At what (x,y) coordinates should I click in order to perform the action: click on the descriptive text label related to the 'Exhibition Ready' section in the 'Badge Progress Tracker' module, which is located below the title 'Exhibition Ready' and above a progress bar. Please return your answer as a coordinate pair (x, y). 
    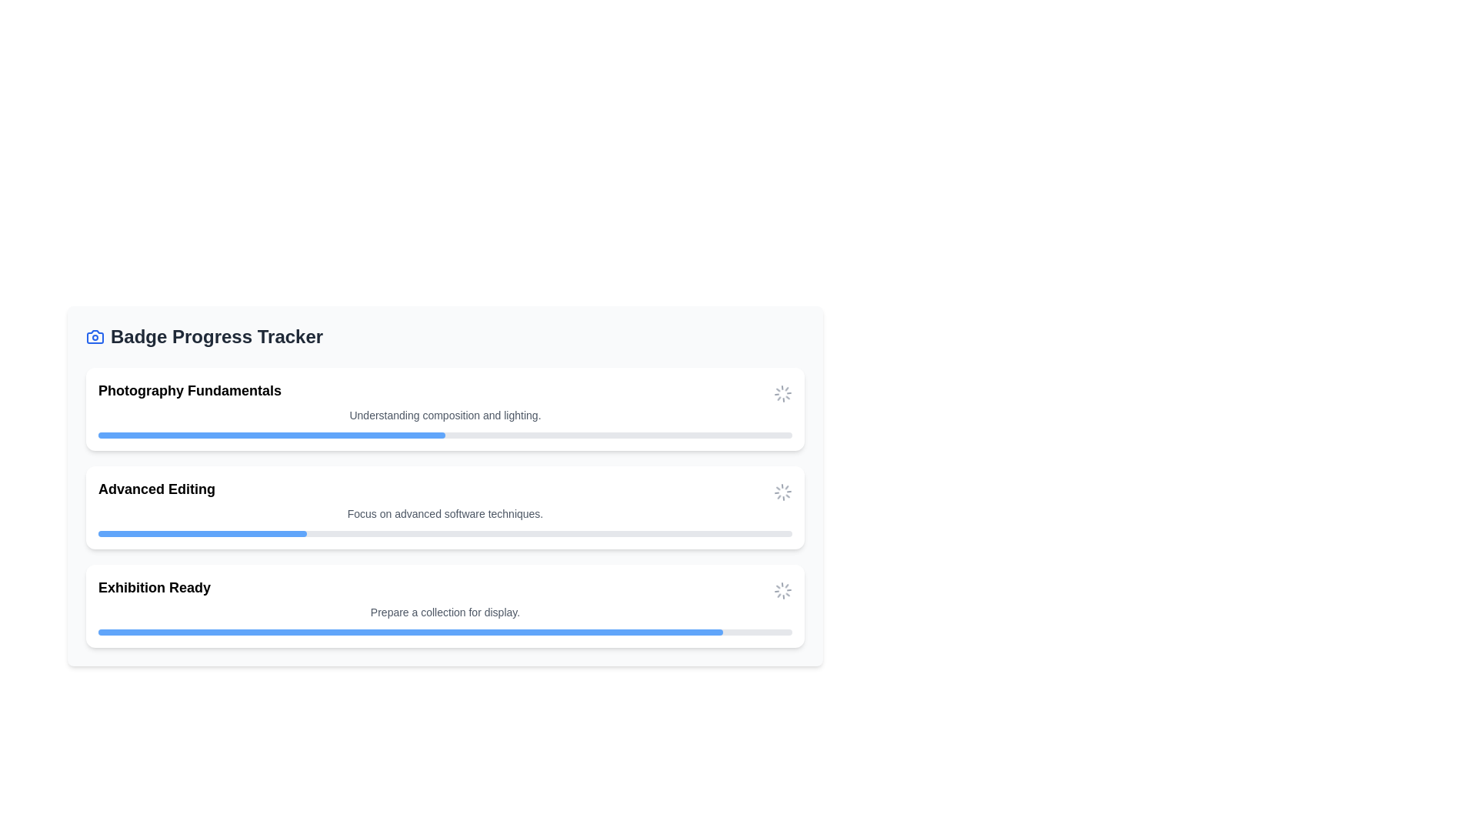
    Looking at the image, I should click on (445, 611).